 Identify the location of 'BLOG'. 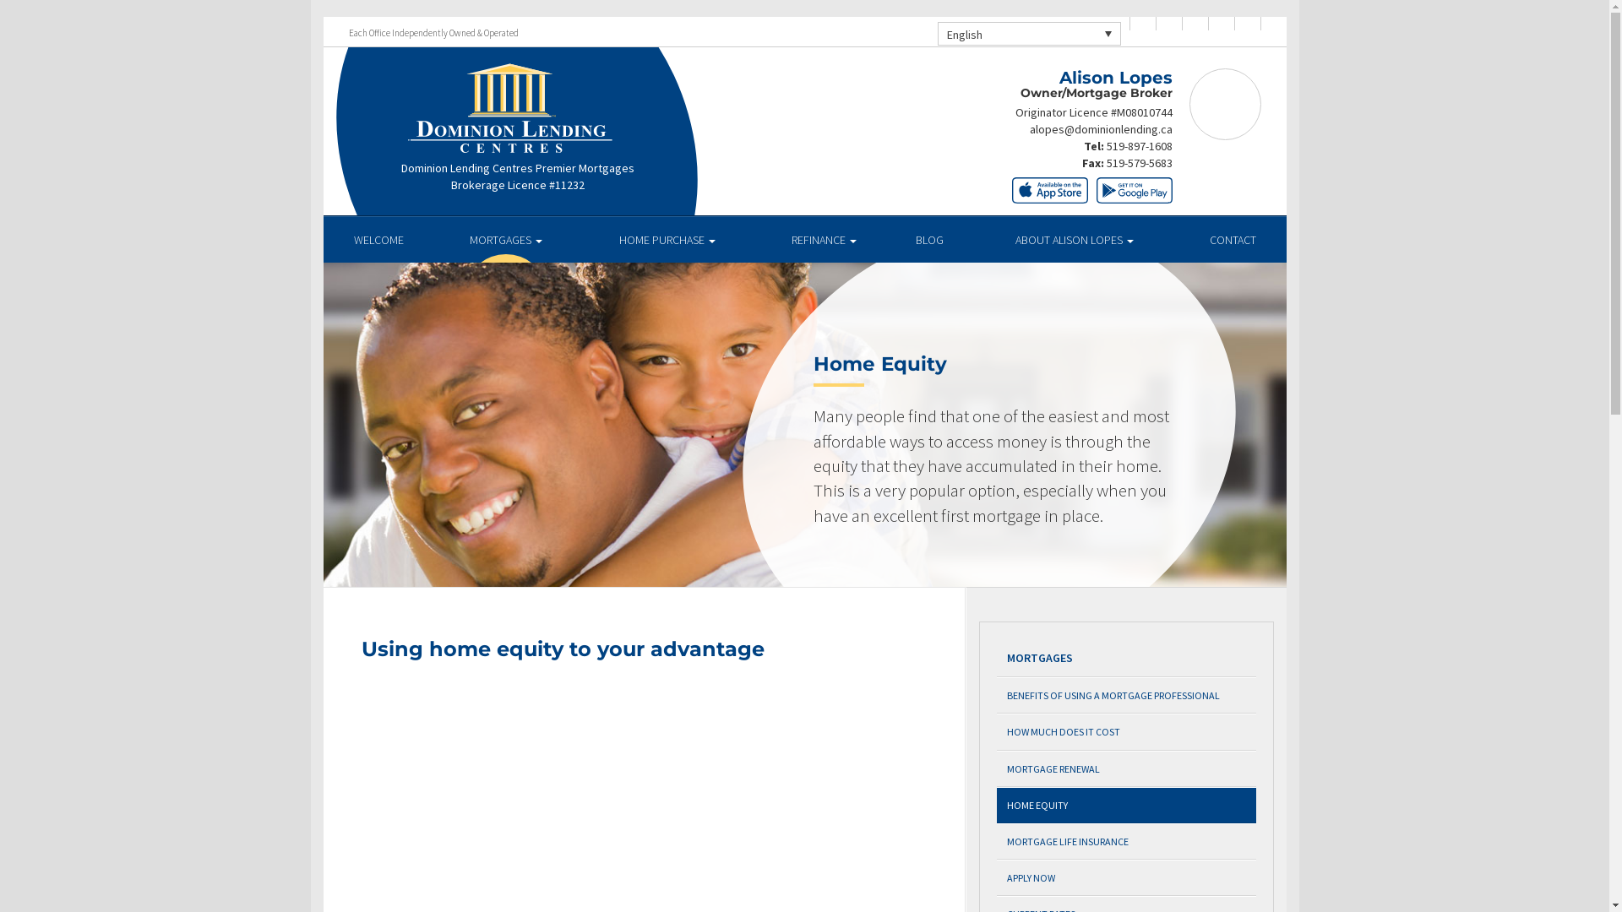
(928, 240).